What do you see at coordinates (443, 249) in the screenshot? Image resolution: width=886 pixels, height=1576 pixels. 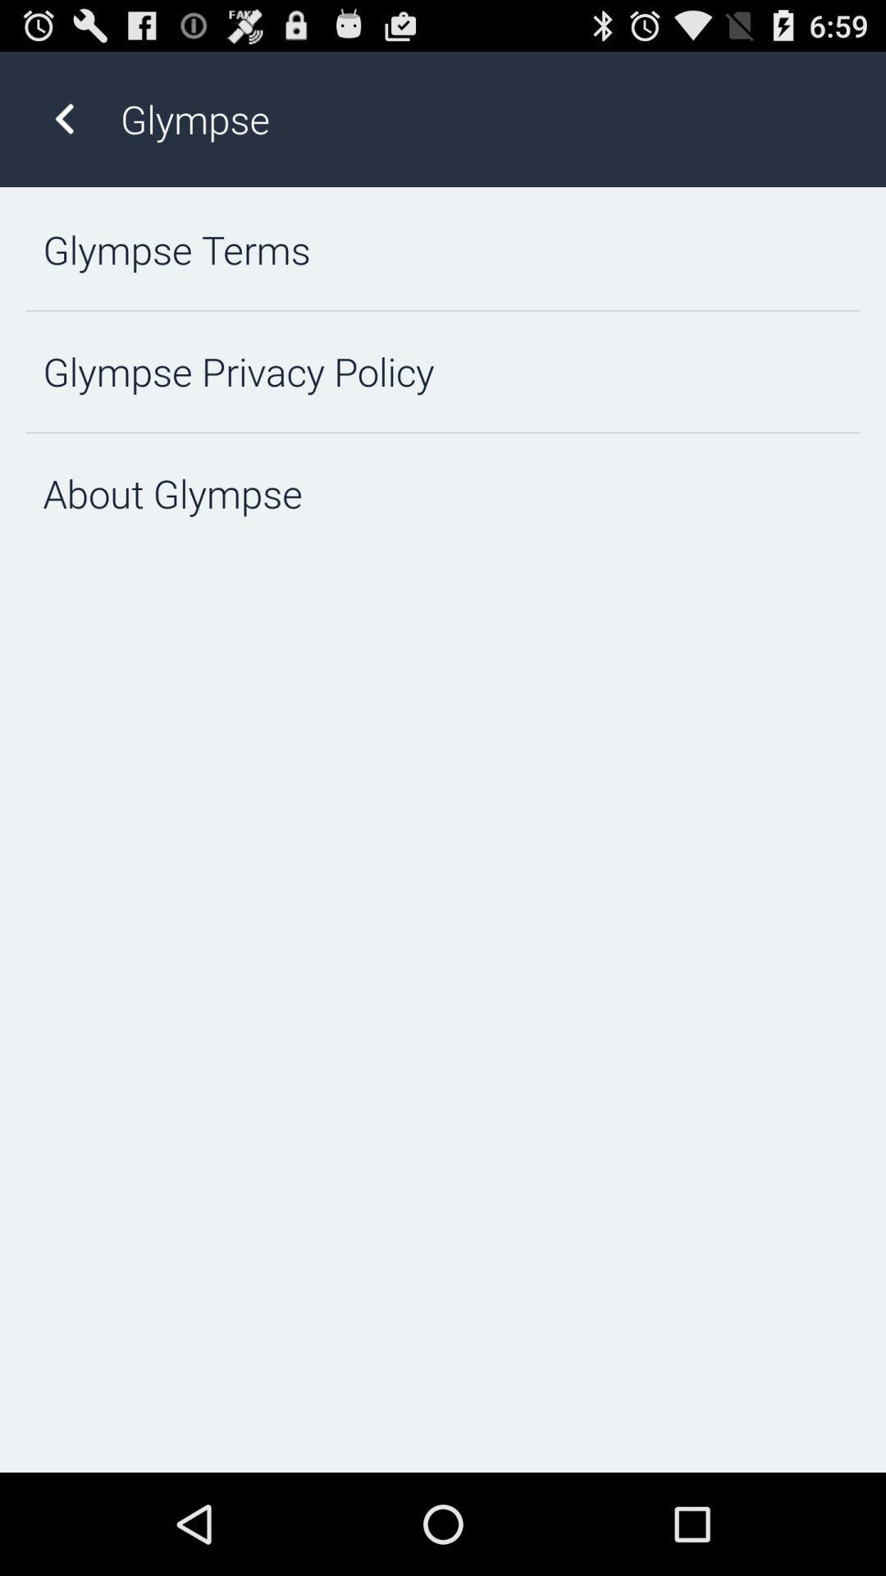 I see `the glympse terms item` at bounding box center [443, 249].